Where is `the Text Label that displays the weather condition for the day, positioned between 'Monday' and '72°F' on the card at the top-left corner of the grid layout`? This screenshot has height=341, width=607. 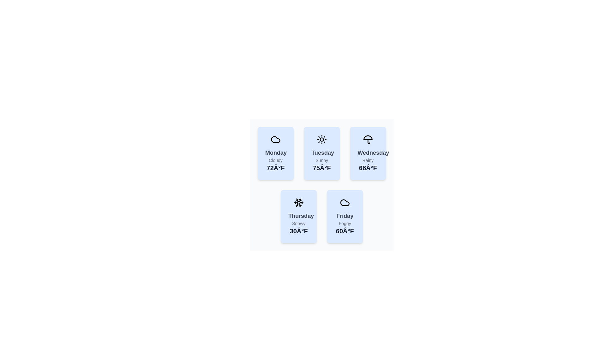 the Text Label that displays the weather condition for the day, positioned between 'Monday' and '72°F' on the card at the top-left corner of the grid layout is located at coordinates (276, 160).